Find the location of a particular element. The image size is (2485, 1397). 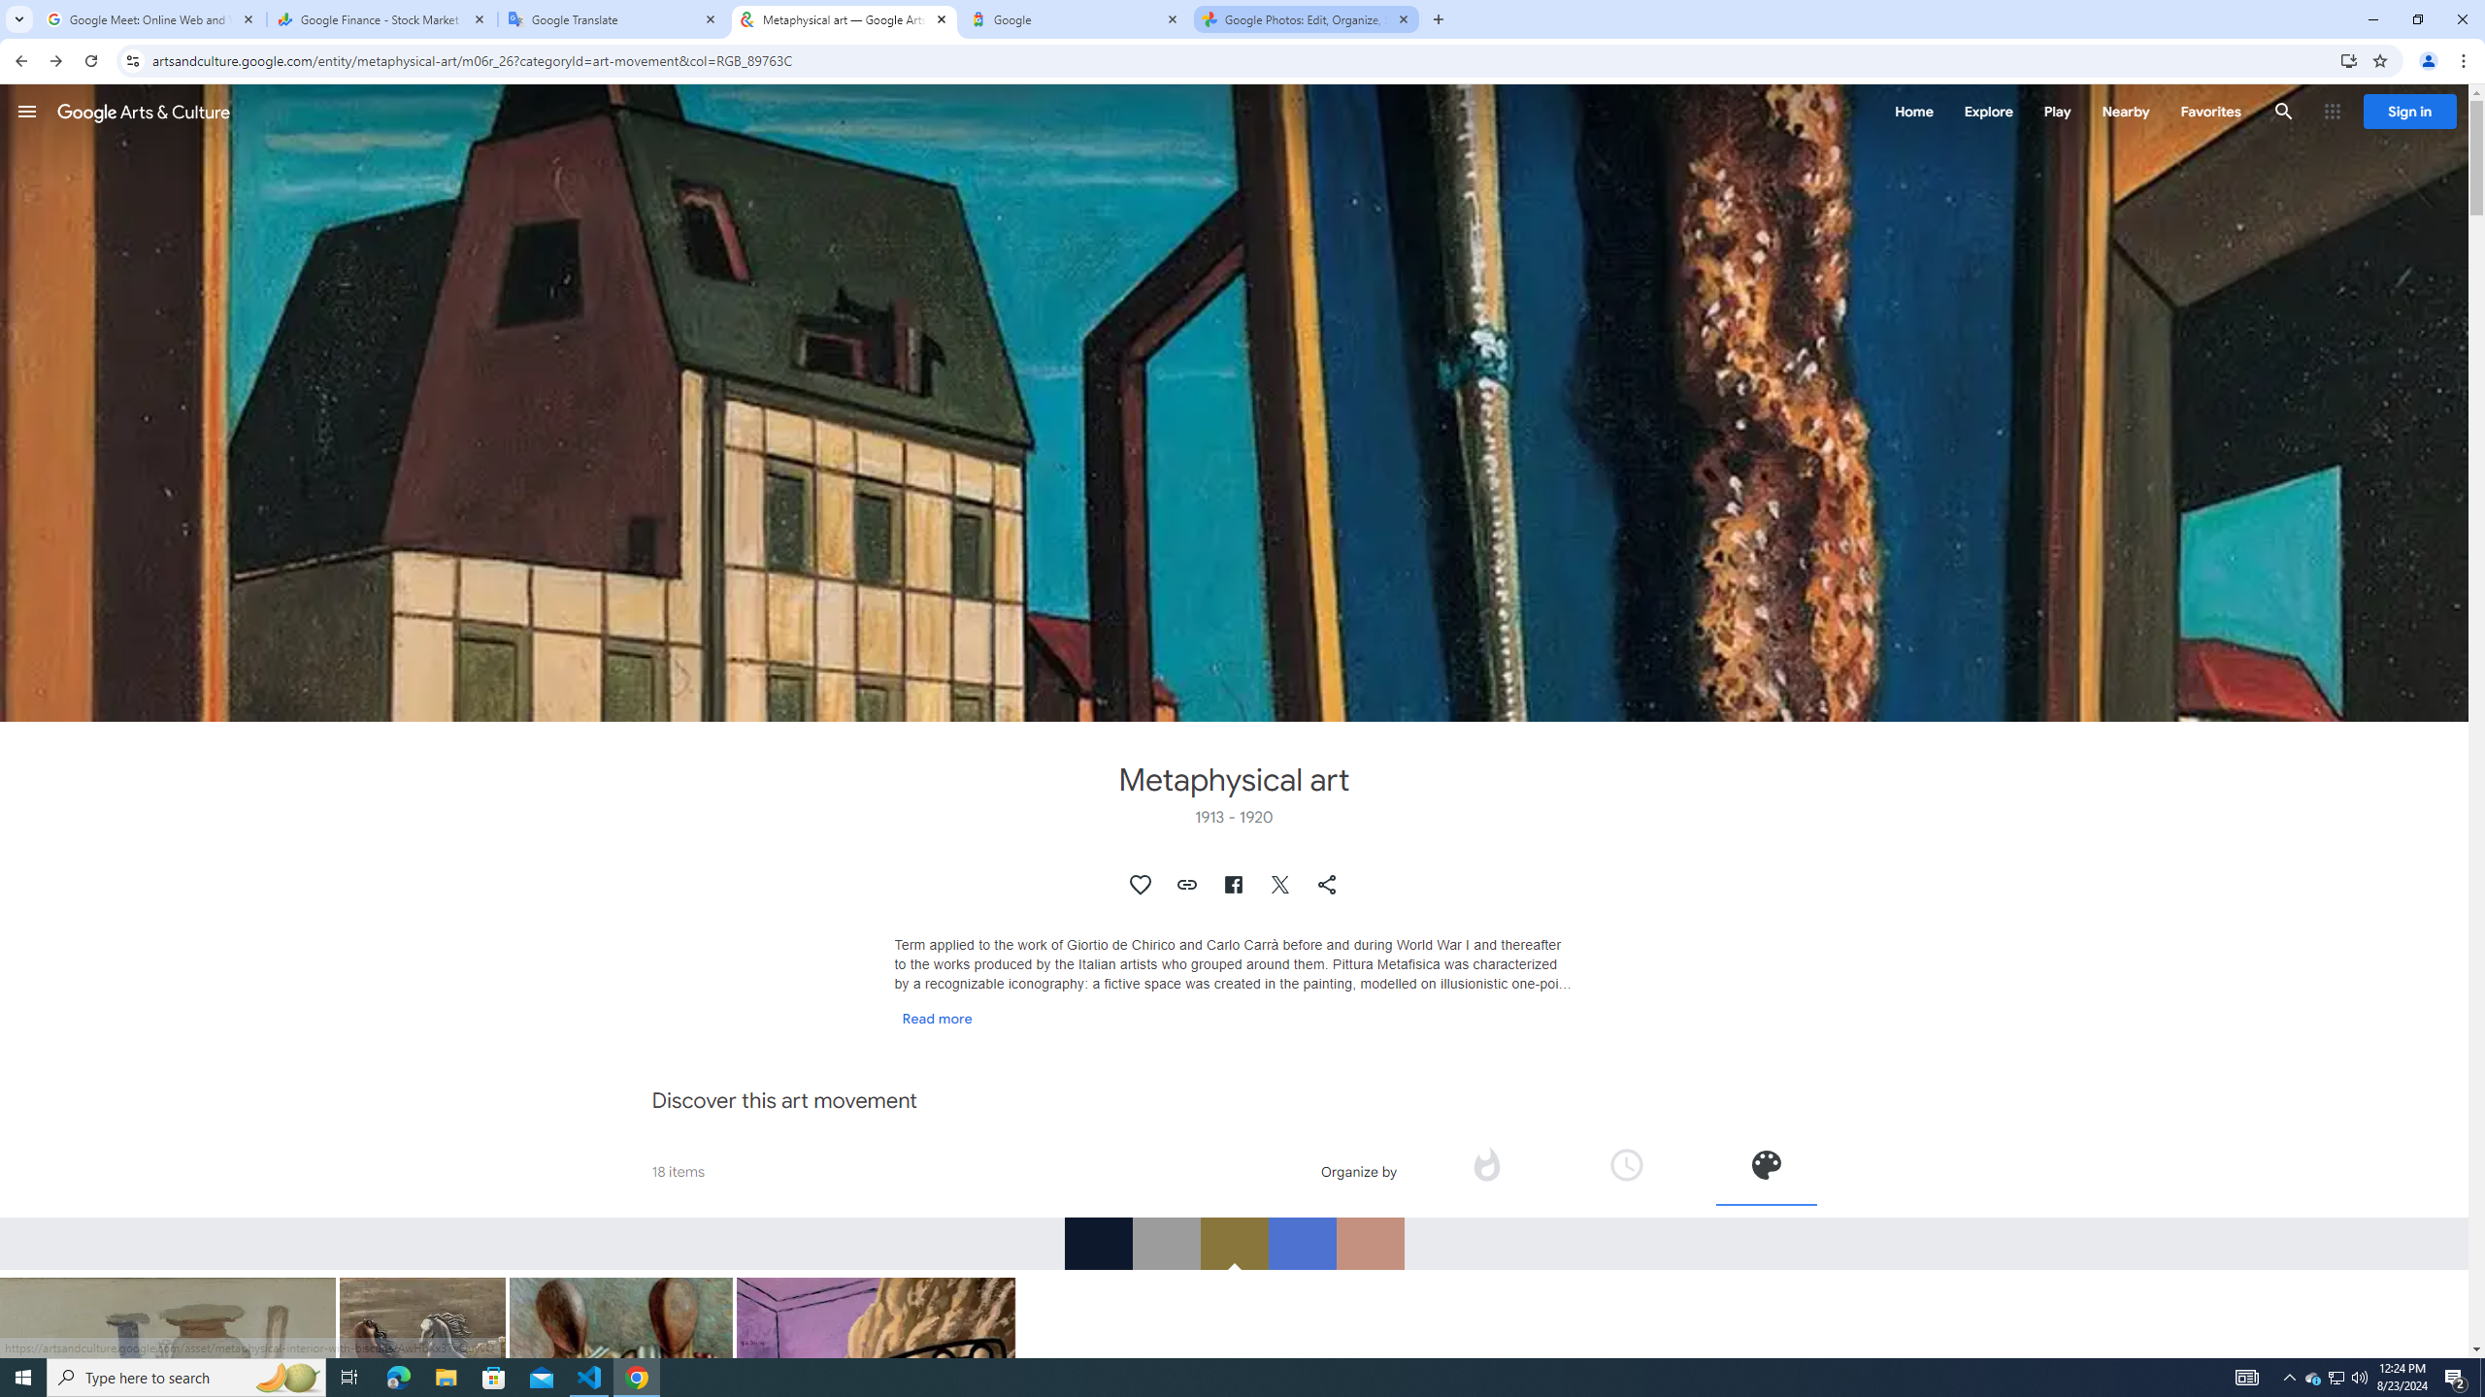

'Organize by popularity' is located at coordinates (1487, 1170).